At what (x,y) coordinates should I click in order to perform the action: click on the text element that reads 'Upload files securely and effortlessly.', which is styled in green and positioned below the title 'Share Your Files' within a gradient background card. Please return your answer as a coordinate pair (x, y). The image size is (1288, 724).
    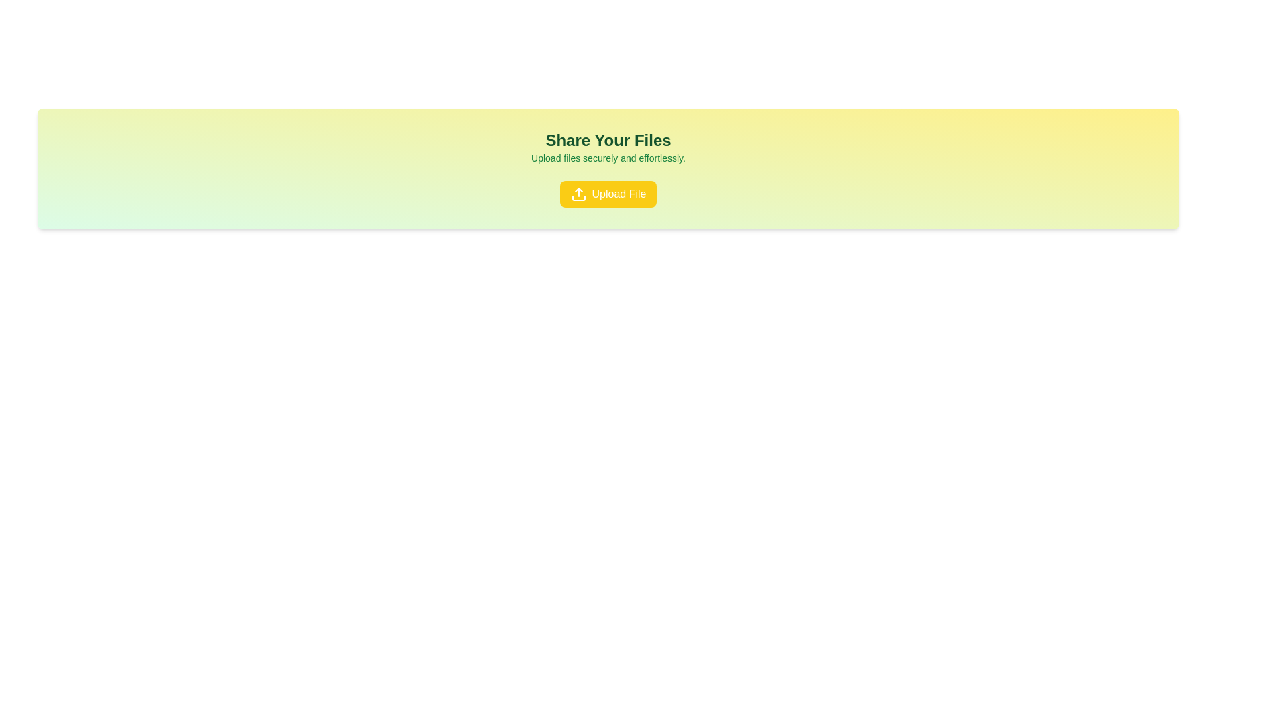
    Looking at the image, I should click on (608, 157).